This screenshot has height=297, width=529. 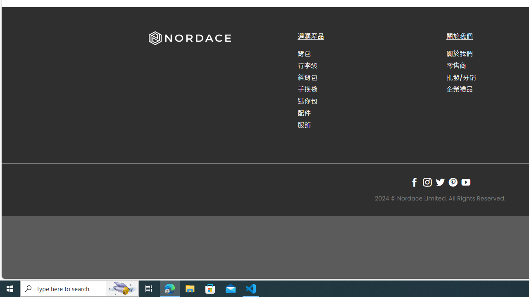 I want to click on 'Follow on Instagram', so click(x=427, y=181).